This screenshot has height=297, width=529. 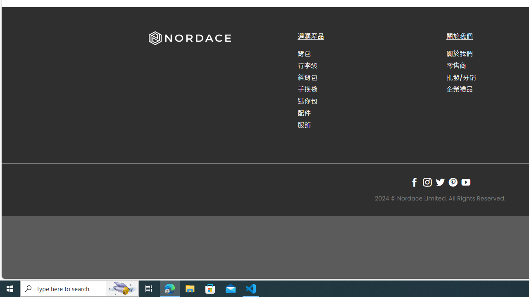 I want to click on 'Follow on Instagram', so click(x=427, y=181).